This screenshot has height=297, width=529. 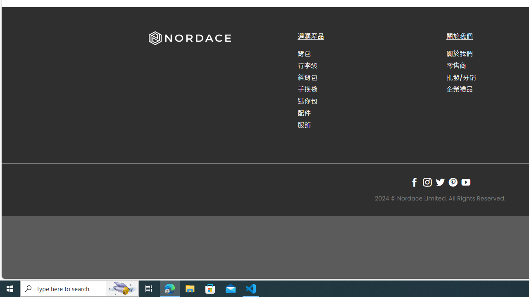 I want to click on 'Follow on Instagram', so click(x=427, y=181).